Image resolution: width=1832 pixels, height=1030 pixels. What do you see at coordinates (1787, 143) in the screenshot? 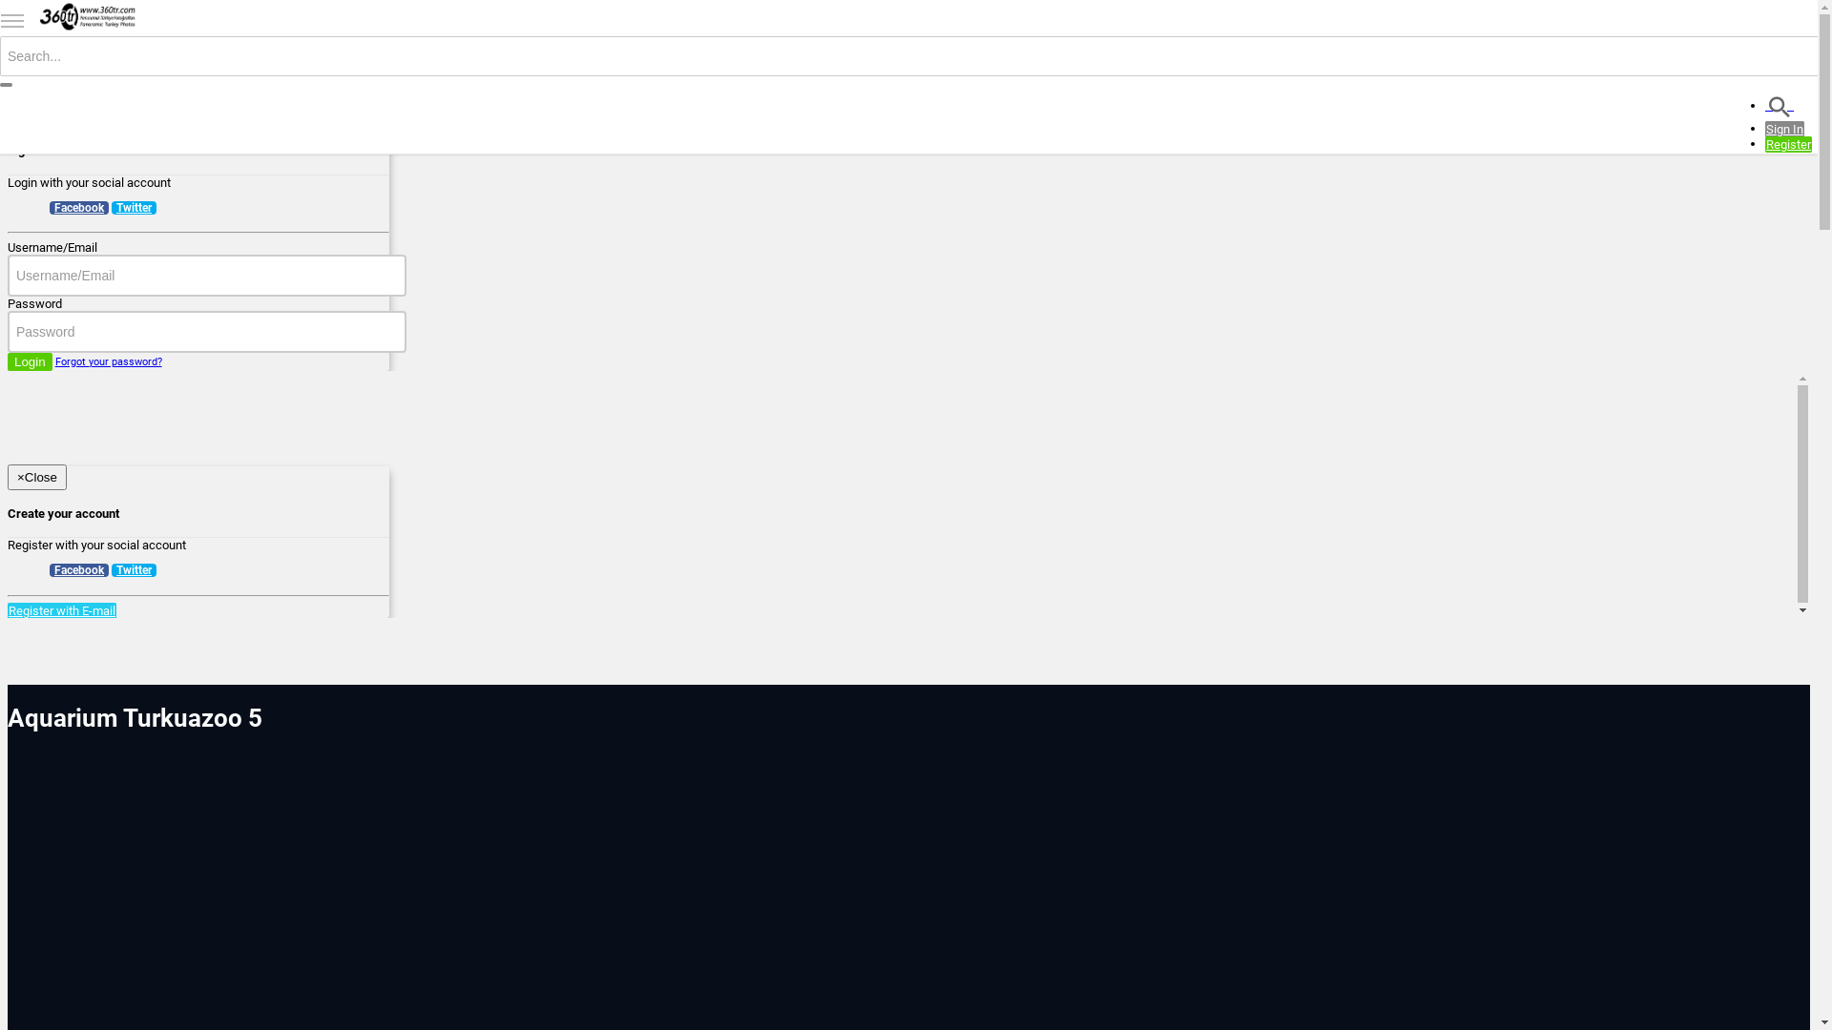
I see `'Register'` at bounding box center [1787, 143].